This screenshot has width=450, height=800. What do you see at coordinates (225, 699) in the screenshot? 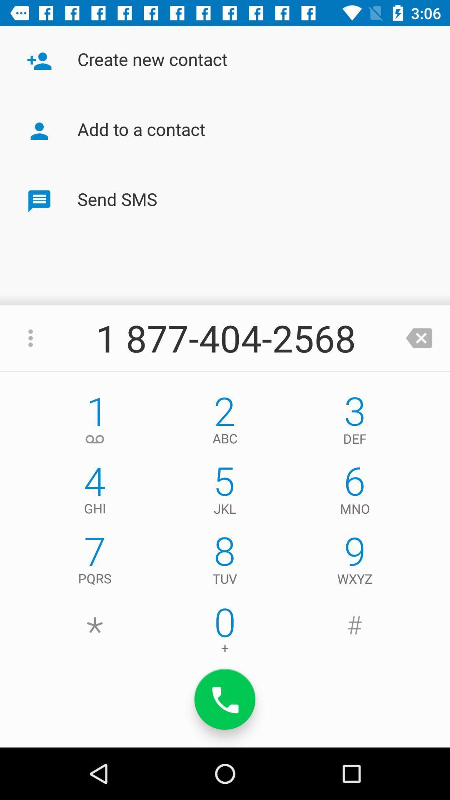
I see `the call icon` at bounding box center [225, 699].